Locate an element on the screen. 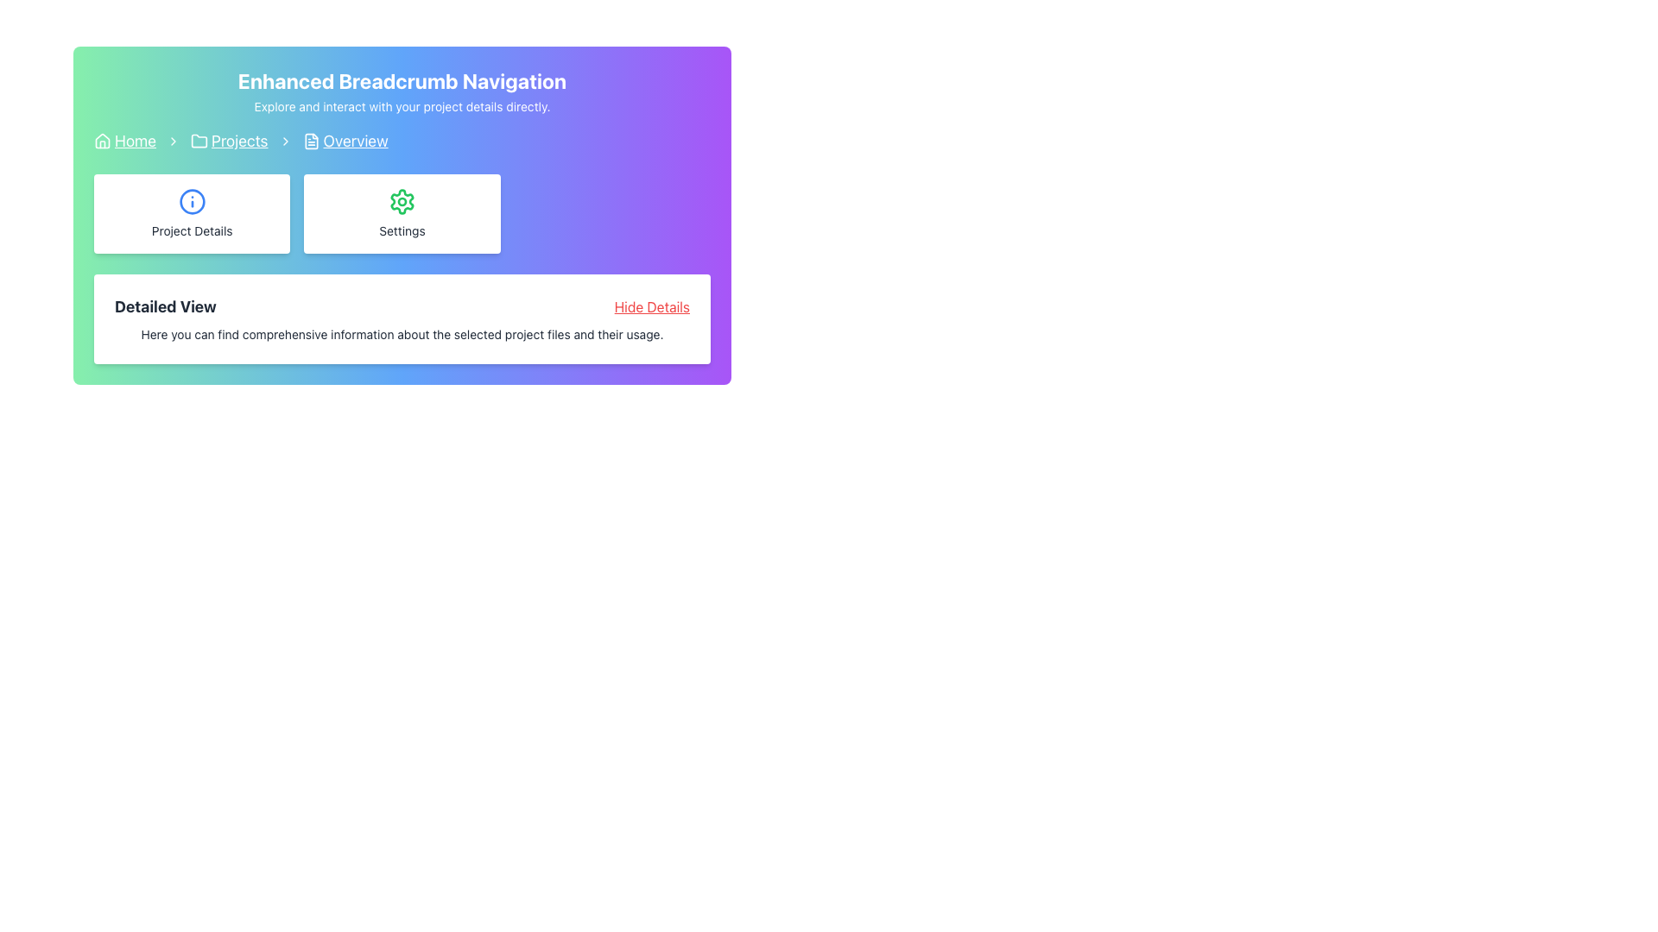 The height and width of the screenshot is (932, 1658). the house-shaped icon in the breadcrumb navigation bar is located at coordinates (102, 141).